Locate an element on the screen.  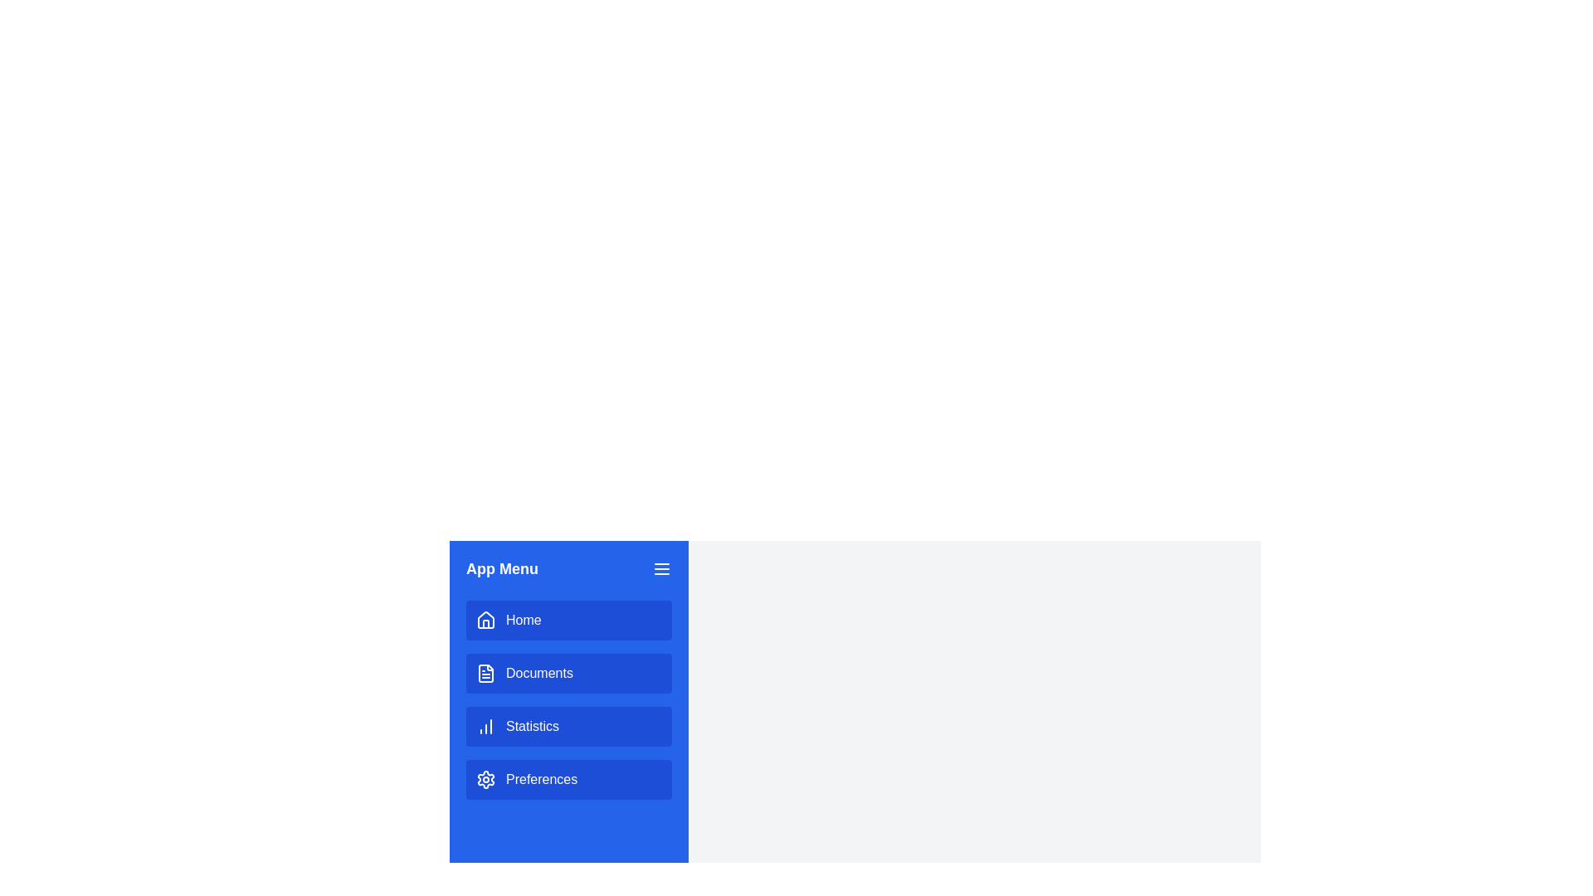
the 'Statistics' menu option is located at coordinates (569, 725).